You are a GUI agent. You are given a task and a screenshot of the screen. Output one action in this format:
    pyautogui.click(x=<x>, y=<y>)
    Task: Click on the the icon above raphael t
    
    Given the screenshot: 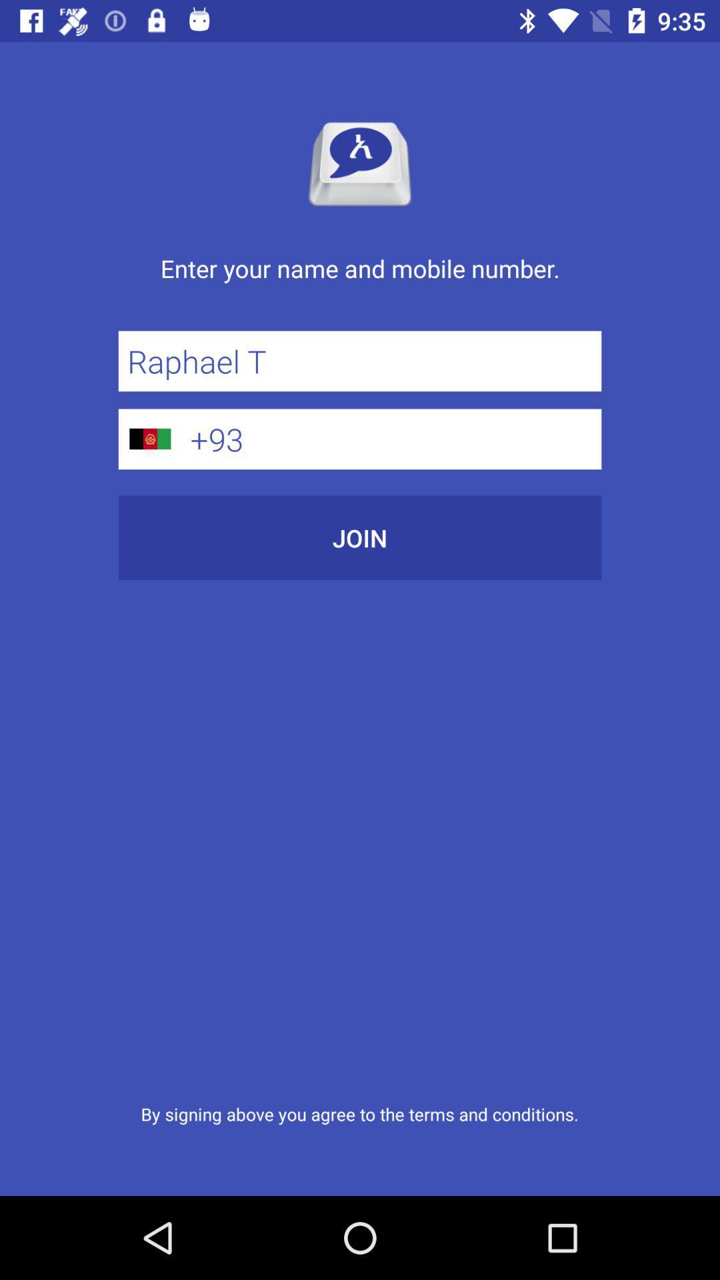 What is the action you would take?
    pyautogui.click(x=360, y=282)
    